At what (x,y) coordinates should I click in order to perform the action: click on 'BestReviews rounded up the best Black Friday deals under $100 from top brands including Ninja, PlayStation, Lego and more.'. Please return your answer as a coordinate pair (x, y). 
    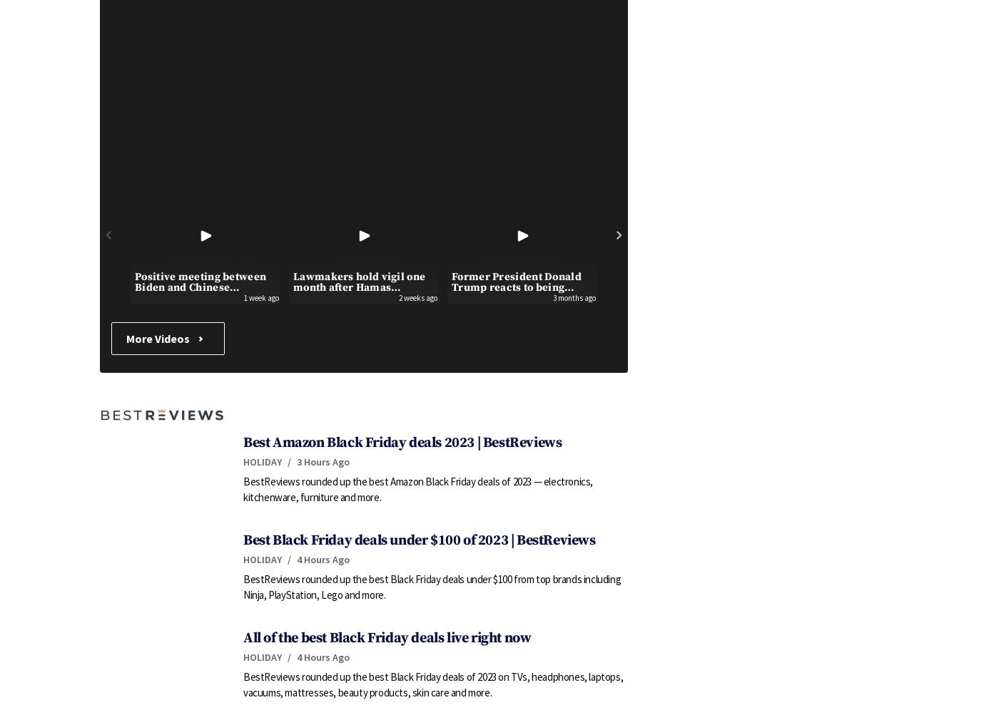
    Looking at the image, I should click on (432, 587).